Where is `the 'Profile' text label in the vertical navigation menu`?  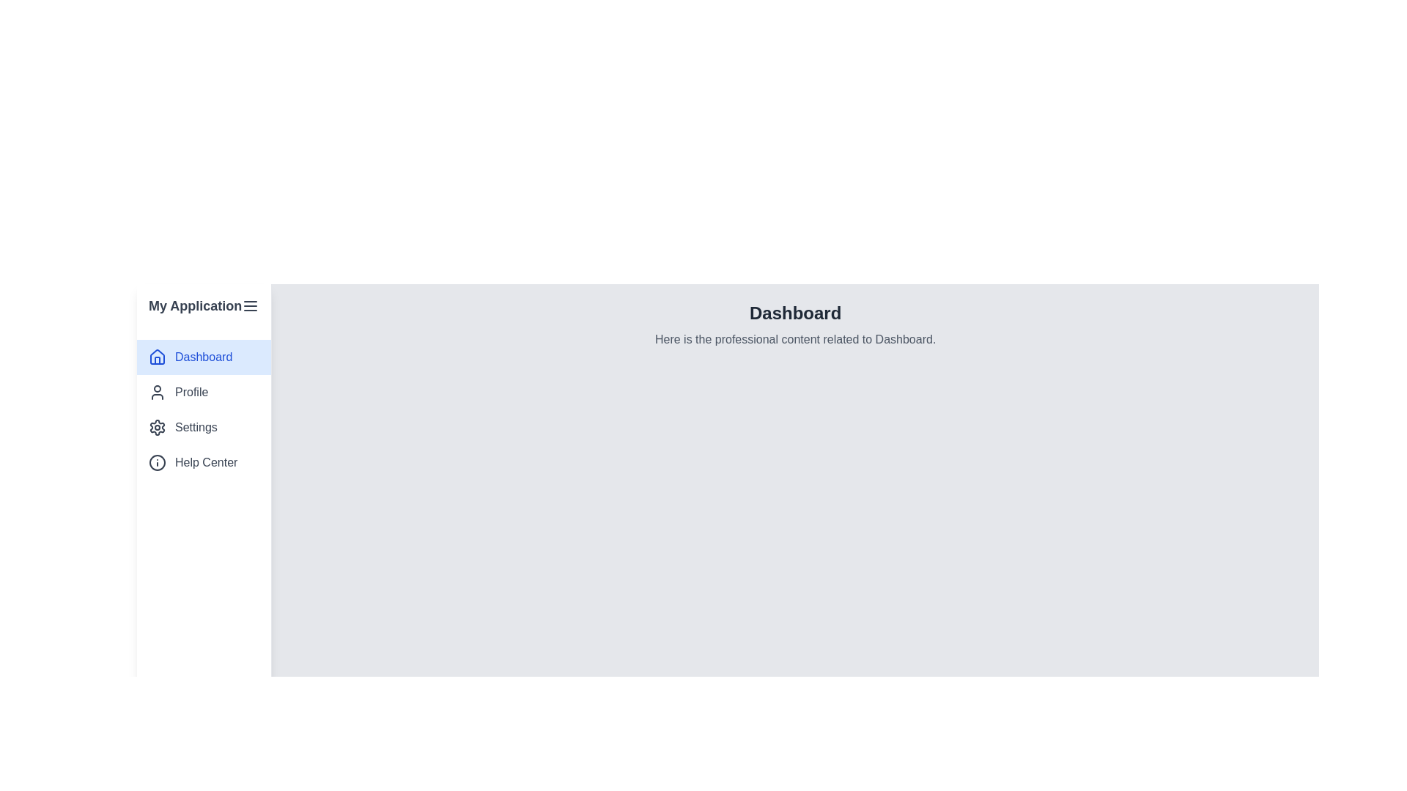
the 'Profile' text label in the vertical navigation menu is located at coordinates (191, 392).